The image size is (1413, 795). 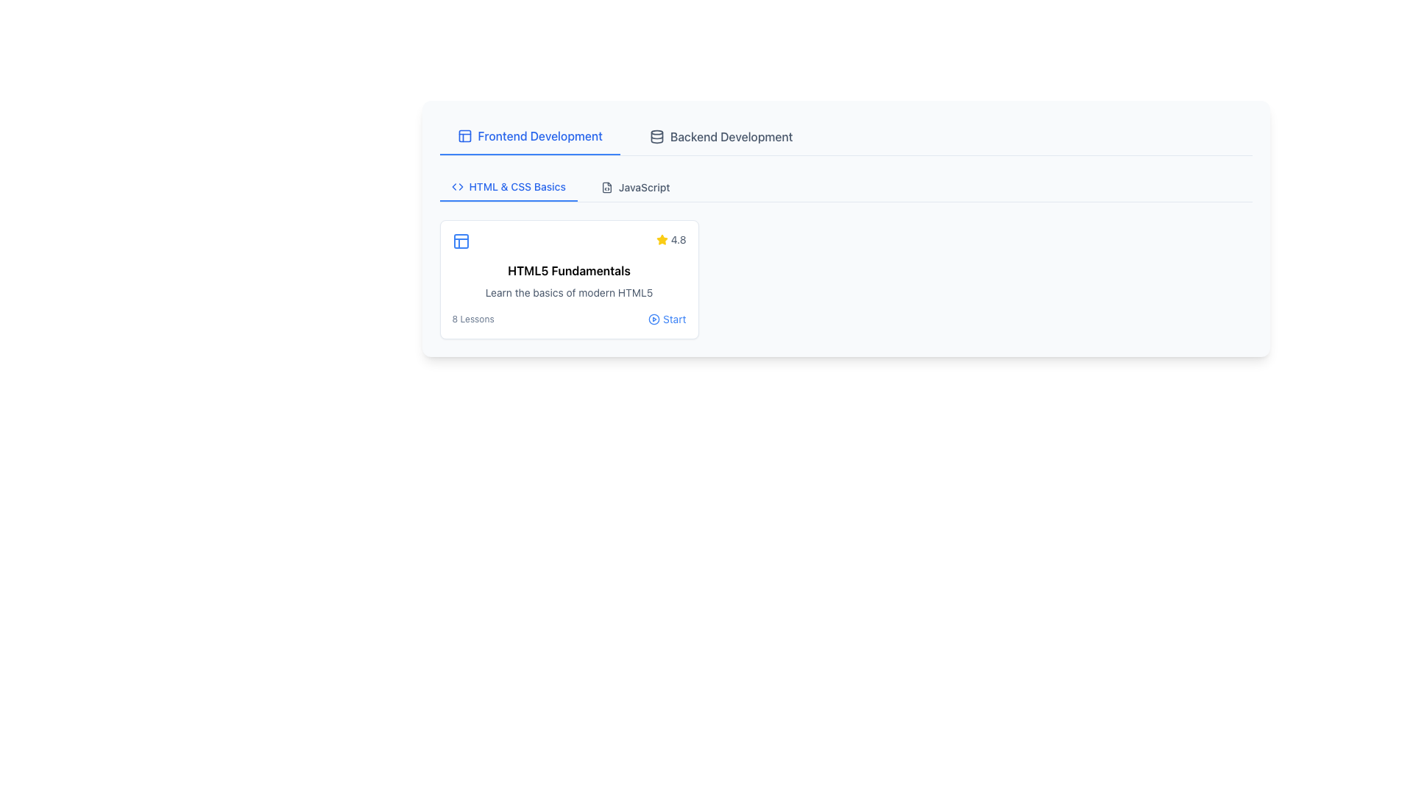 I want to click on the 'Backend Development' tab in the Tab Navigation Bar, so click(x=846, y=137).